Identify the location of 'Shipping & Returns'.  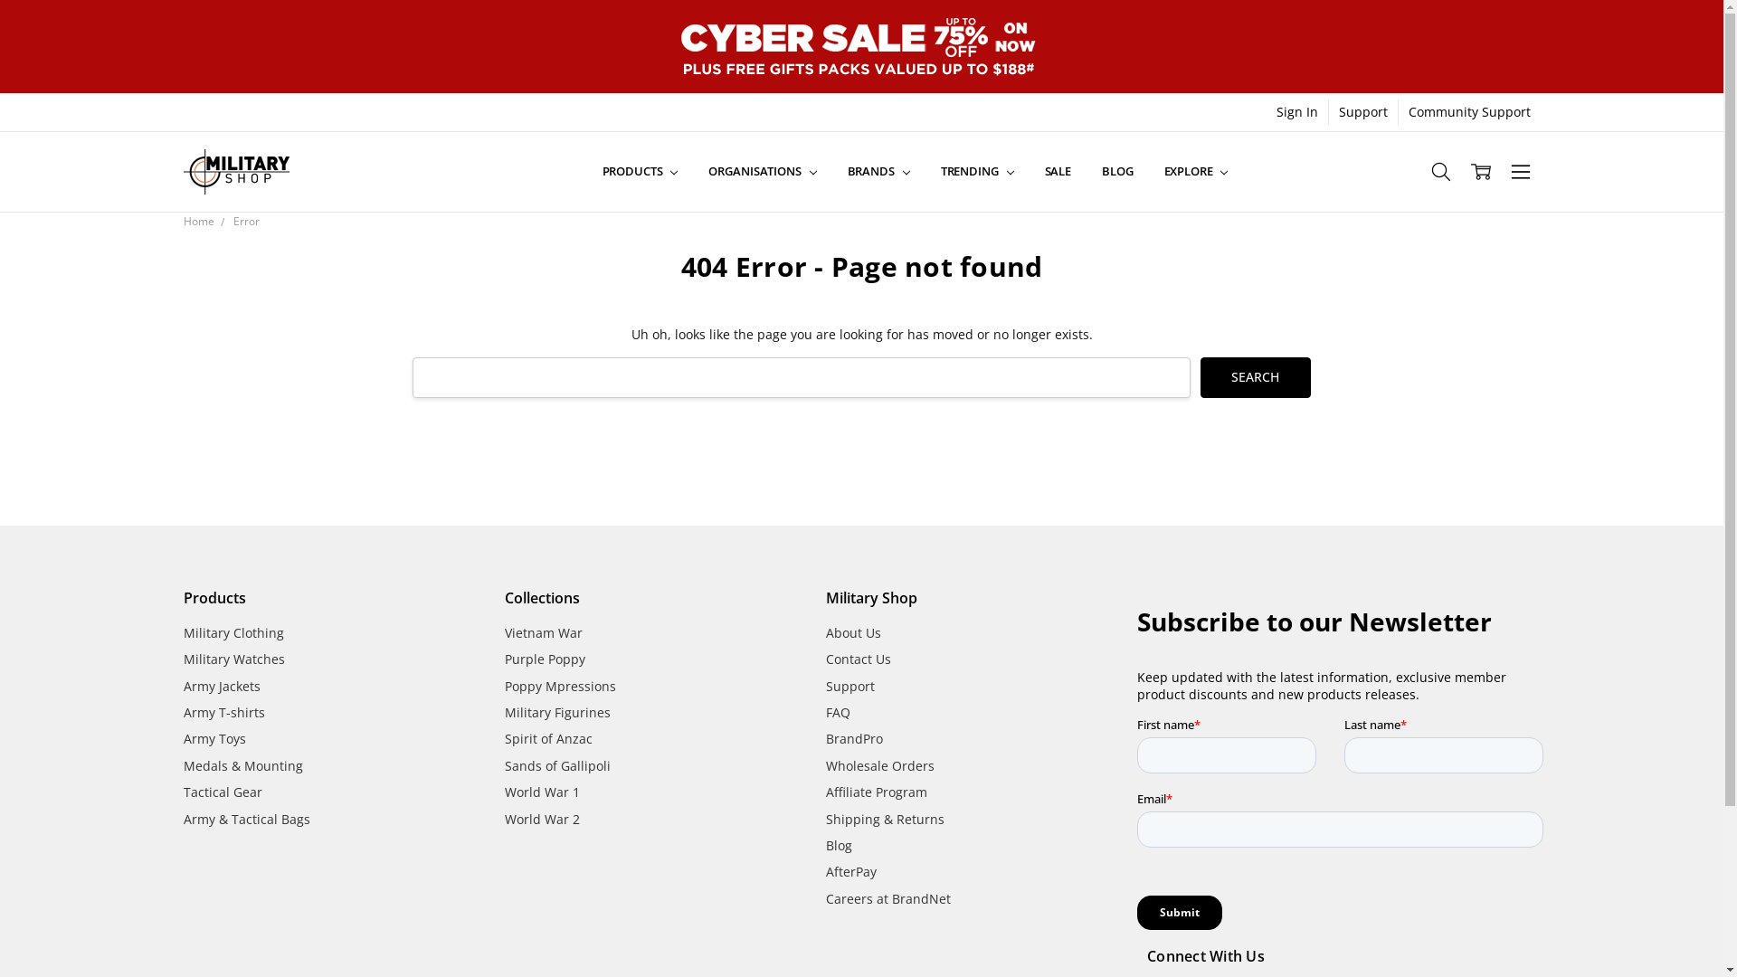
(885, 819).